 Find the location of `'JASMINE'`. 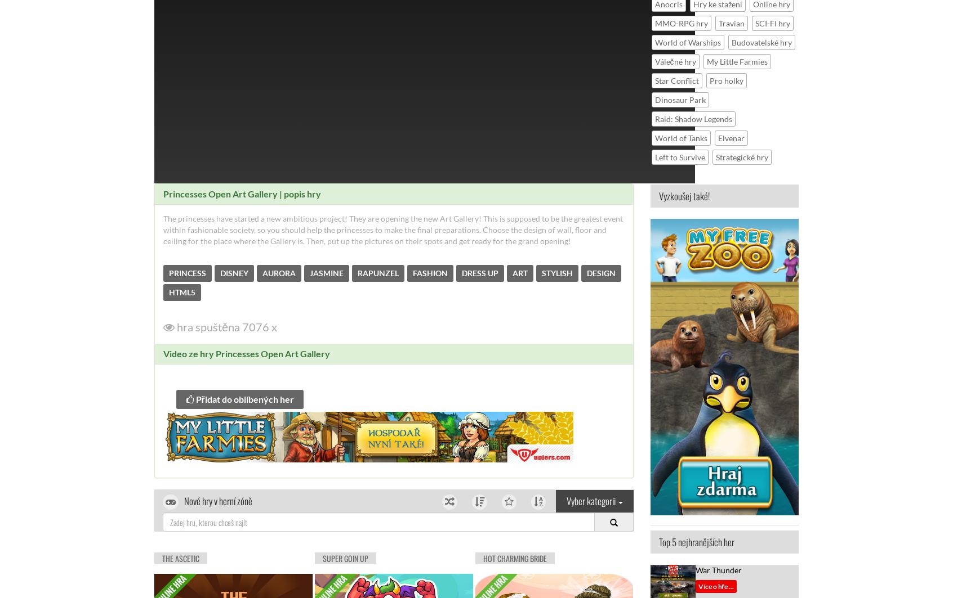

'JASMINE' is located at coordinates (326, 273).